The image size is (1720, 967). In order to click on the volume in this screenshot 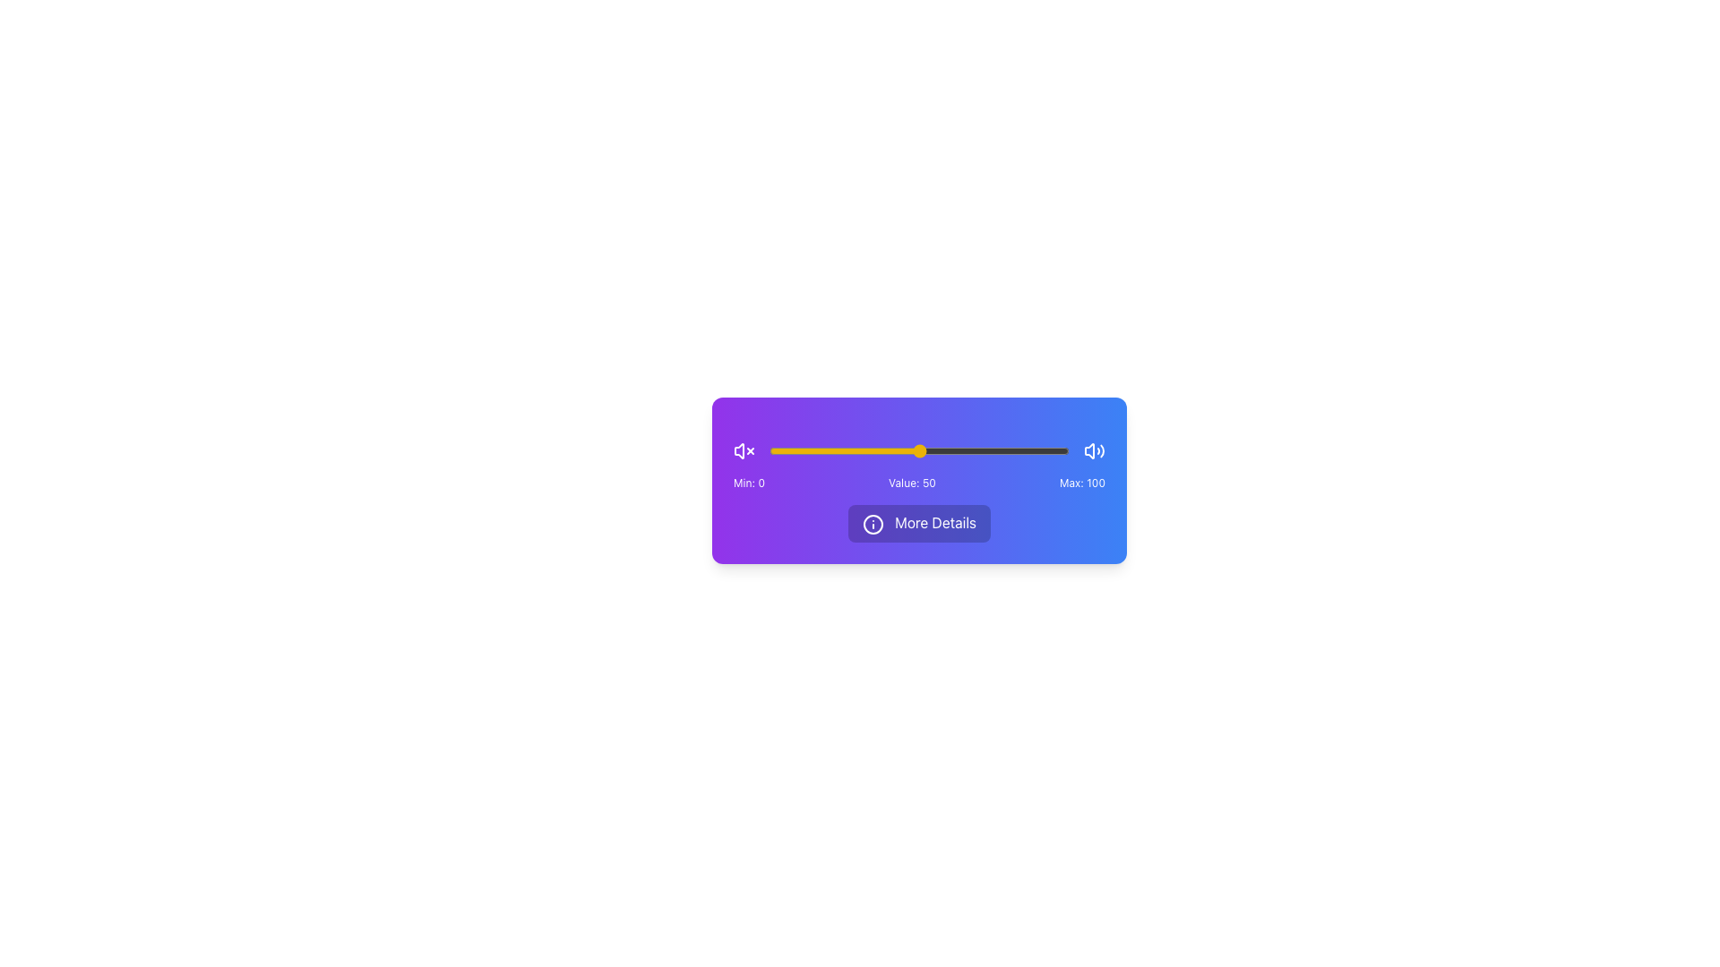, I will do `click(874, 450)`.